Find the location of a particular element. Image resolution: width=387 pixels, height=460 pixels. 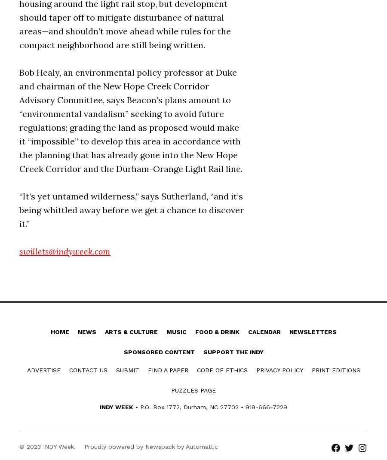

'Newsletters' is located at coordinates (312, 331).